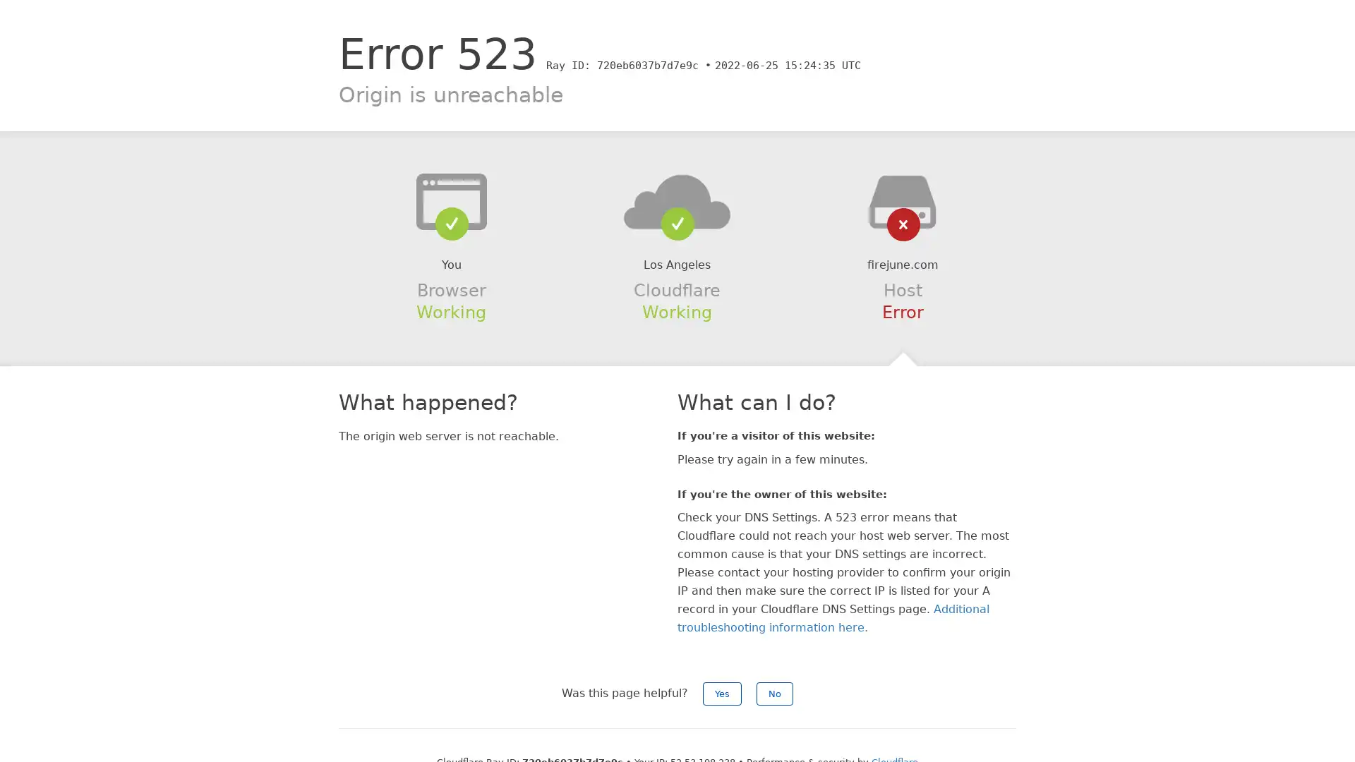 Image resolution: width=1355 pixels, height=762 pixels. What do you see at coordinates (722, 693) in the screenshot?
I see `Yes` at bounding box center [722, 693].